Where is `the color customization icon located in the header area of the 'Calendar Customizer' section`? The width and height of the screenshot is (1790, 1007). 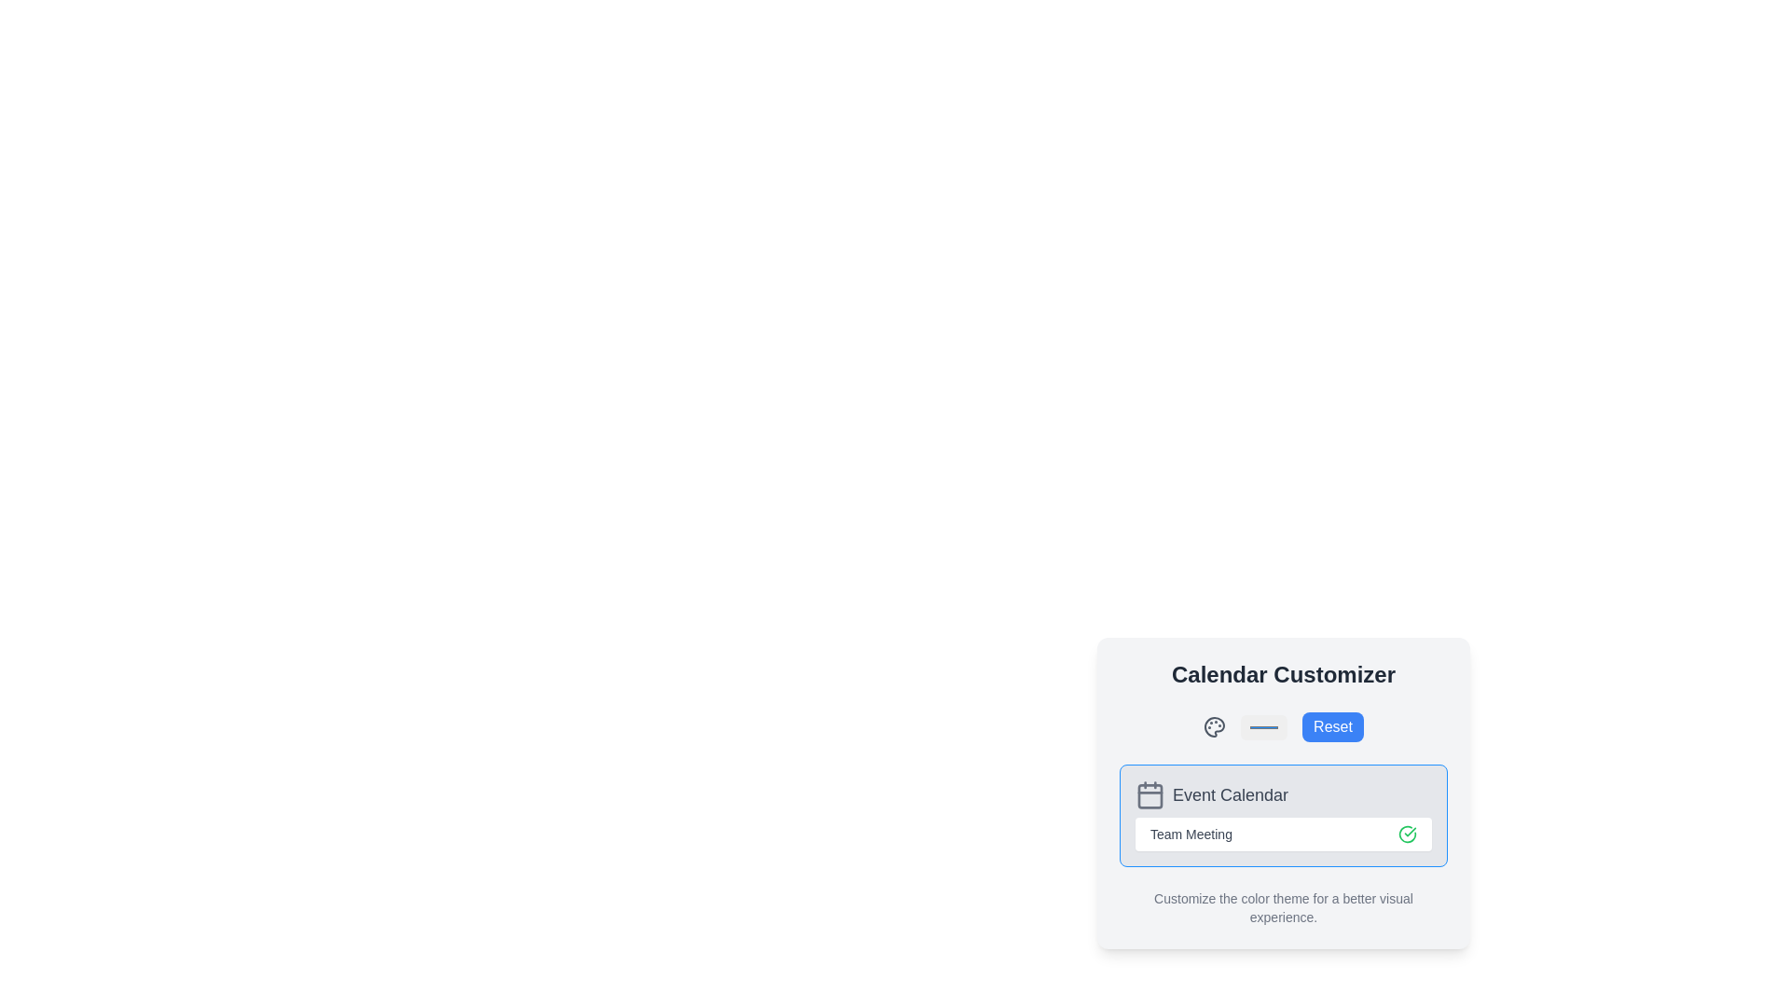 the color customization icon located in the header area of the 'Calendar Customizer' section is located at coordinates (1215, 725).